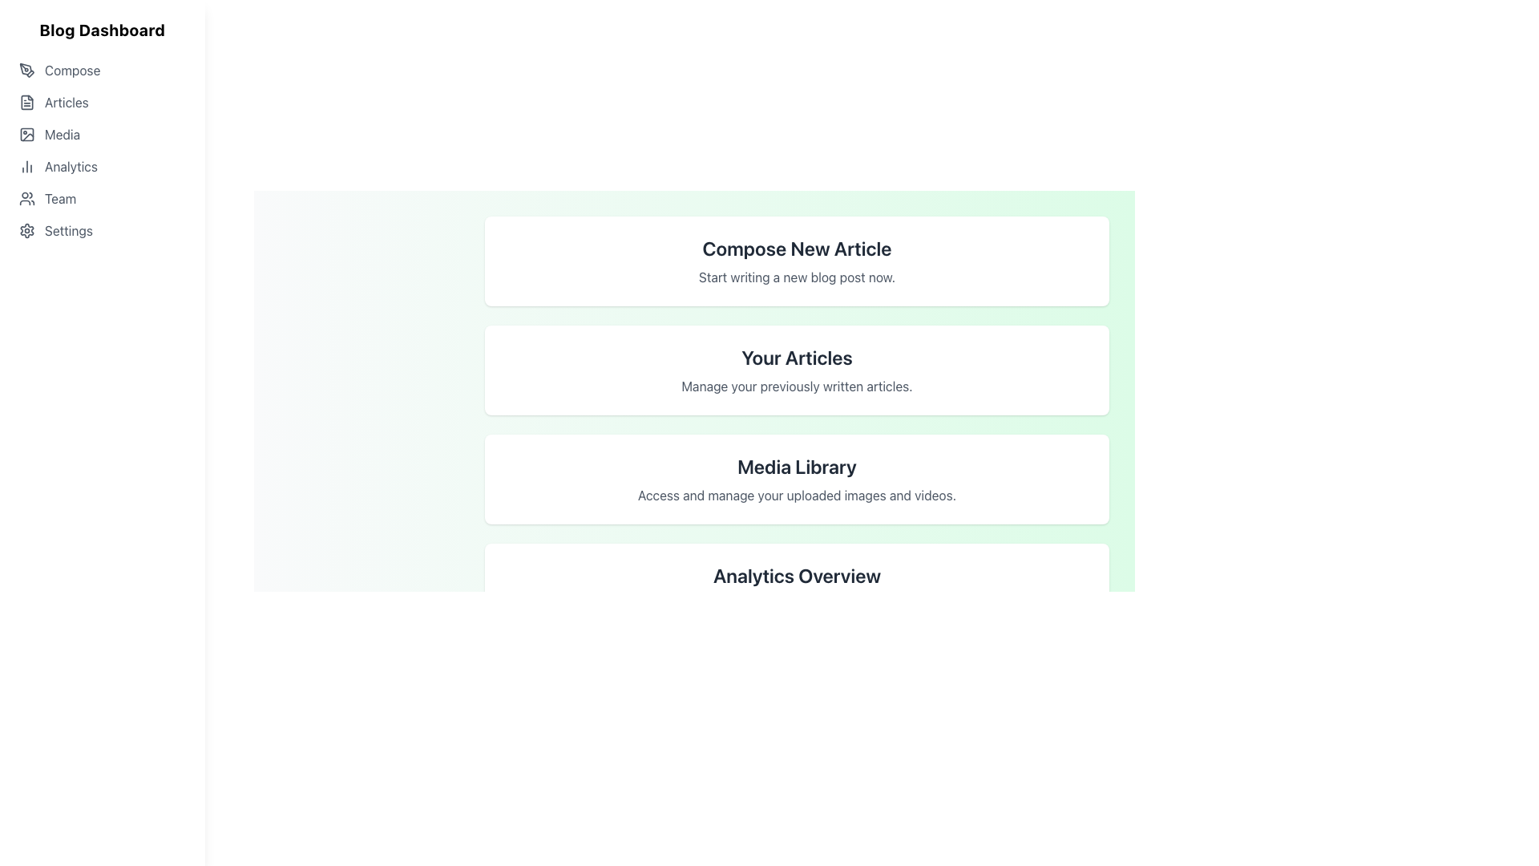 Image resolution: width=1539 pixels, height=866 pixels. Describe the element at coordinates (102, 30) in the screenshot. I see `the Text label located in the top-left corner of the page, which serves as a title or heading for the section below it` at that location.